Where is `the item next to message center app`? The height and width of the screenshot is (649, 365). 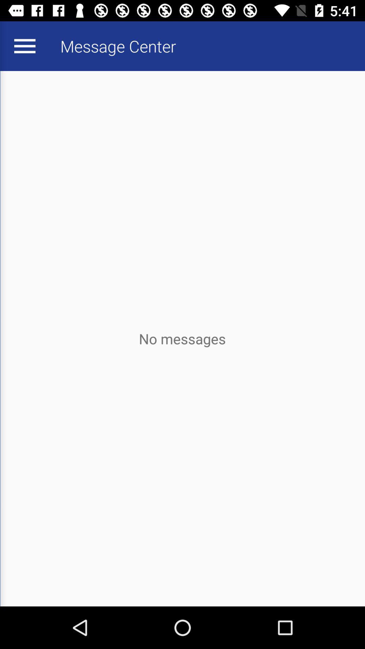 the item next to message center app is located at coordinates (24, 46).